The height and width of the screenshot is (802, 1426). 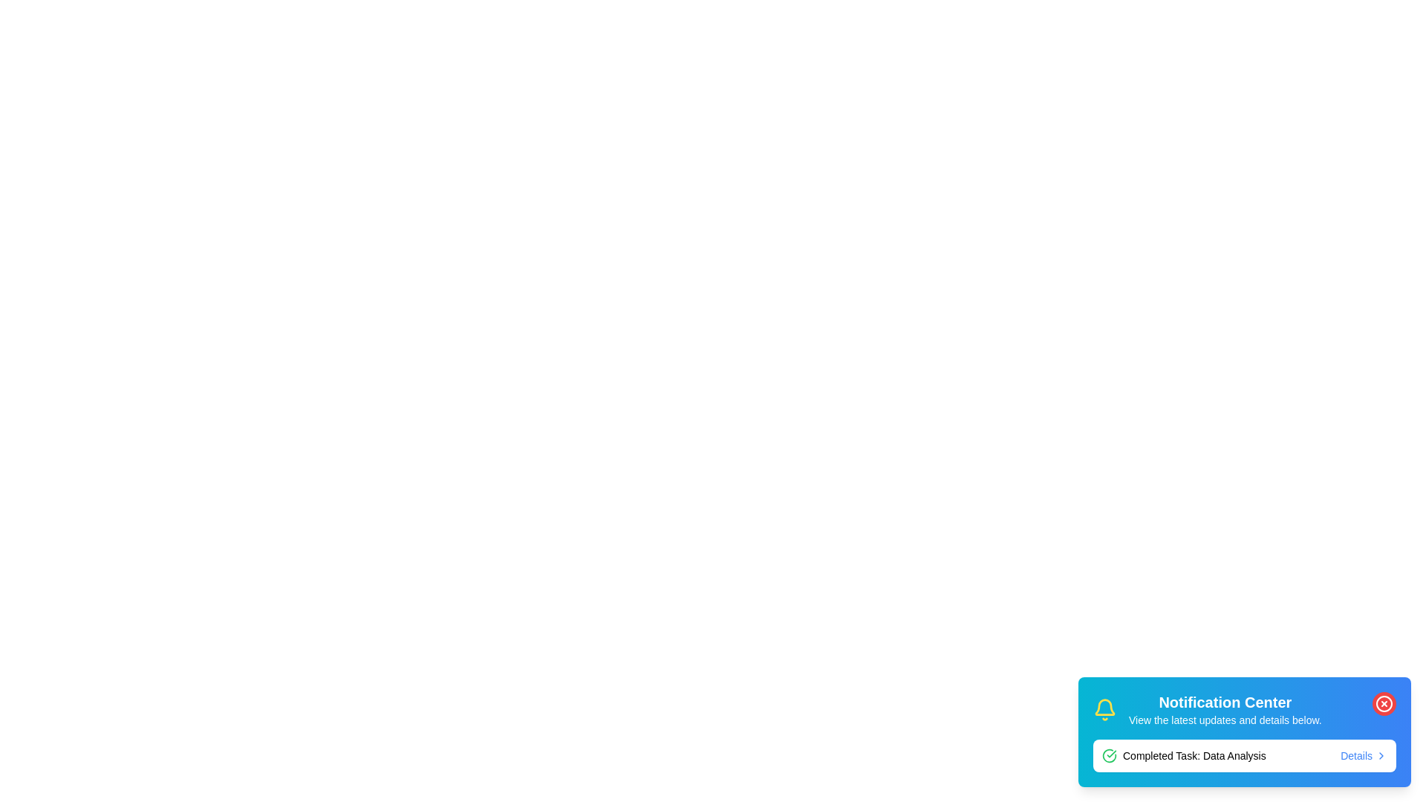 I want to click on red close button to dismiss the notification, so click(x=1383, y=703).